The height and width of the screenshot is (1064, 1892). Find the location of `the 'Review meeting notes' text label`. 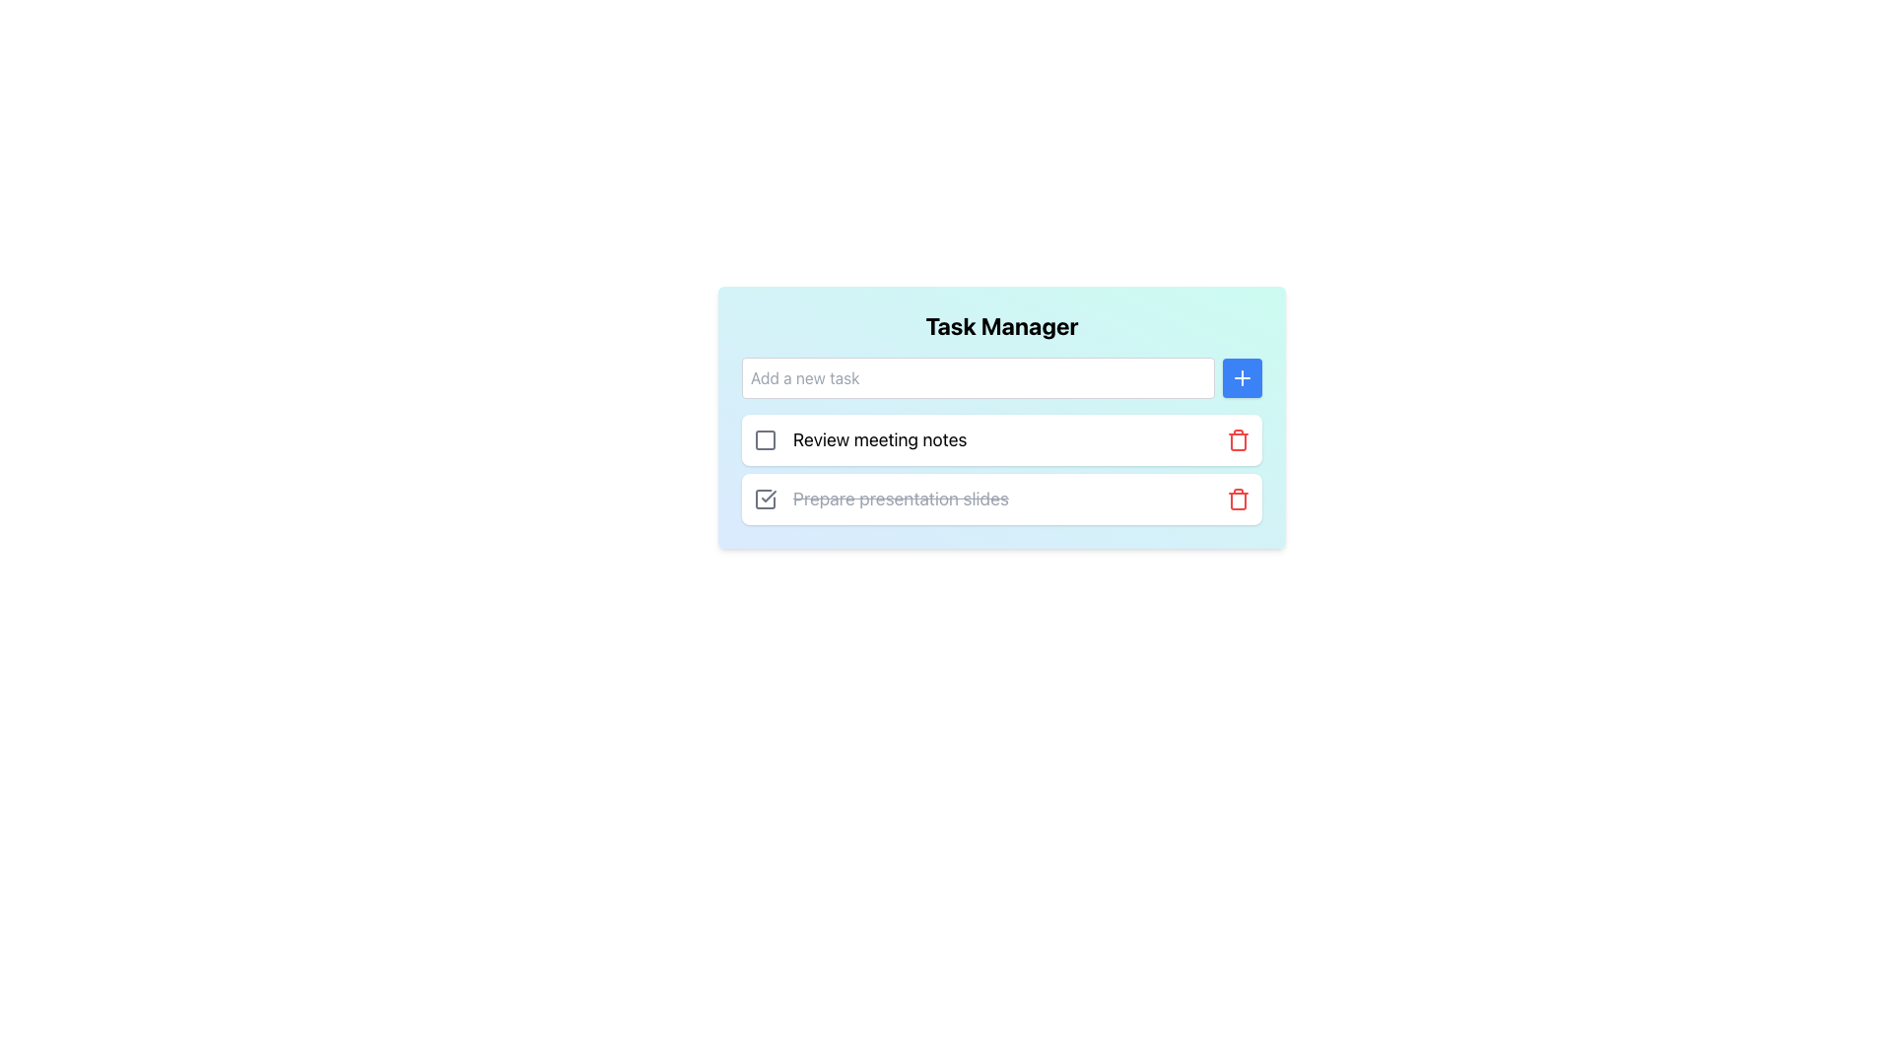

the 'Review meeting notes' text label is located at coordinates (860, 439).